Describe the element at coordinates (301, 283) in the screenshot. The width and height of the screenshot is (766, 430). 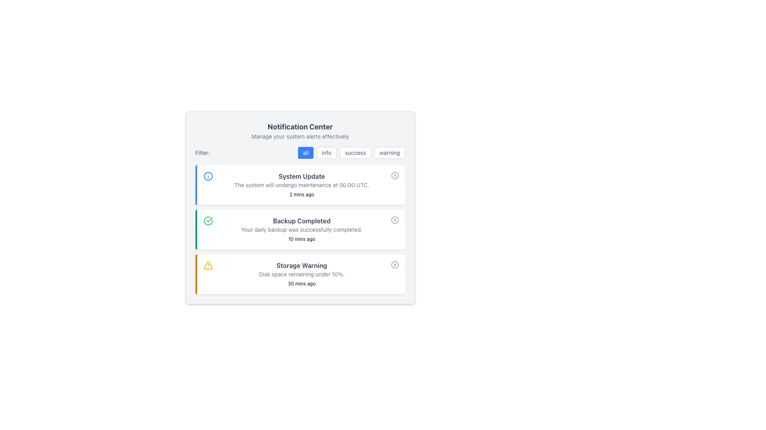
I see `the static text displaying the elapsed time since the storage warning message was generated, located within the 'Storage Warning' notification card` at that location.